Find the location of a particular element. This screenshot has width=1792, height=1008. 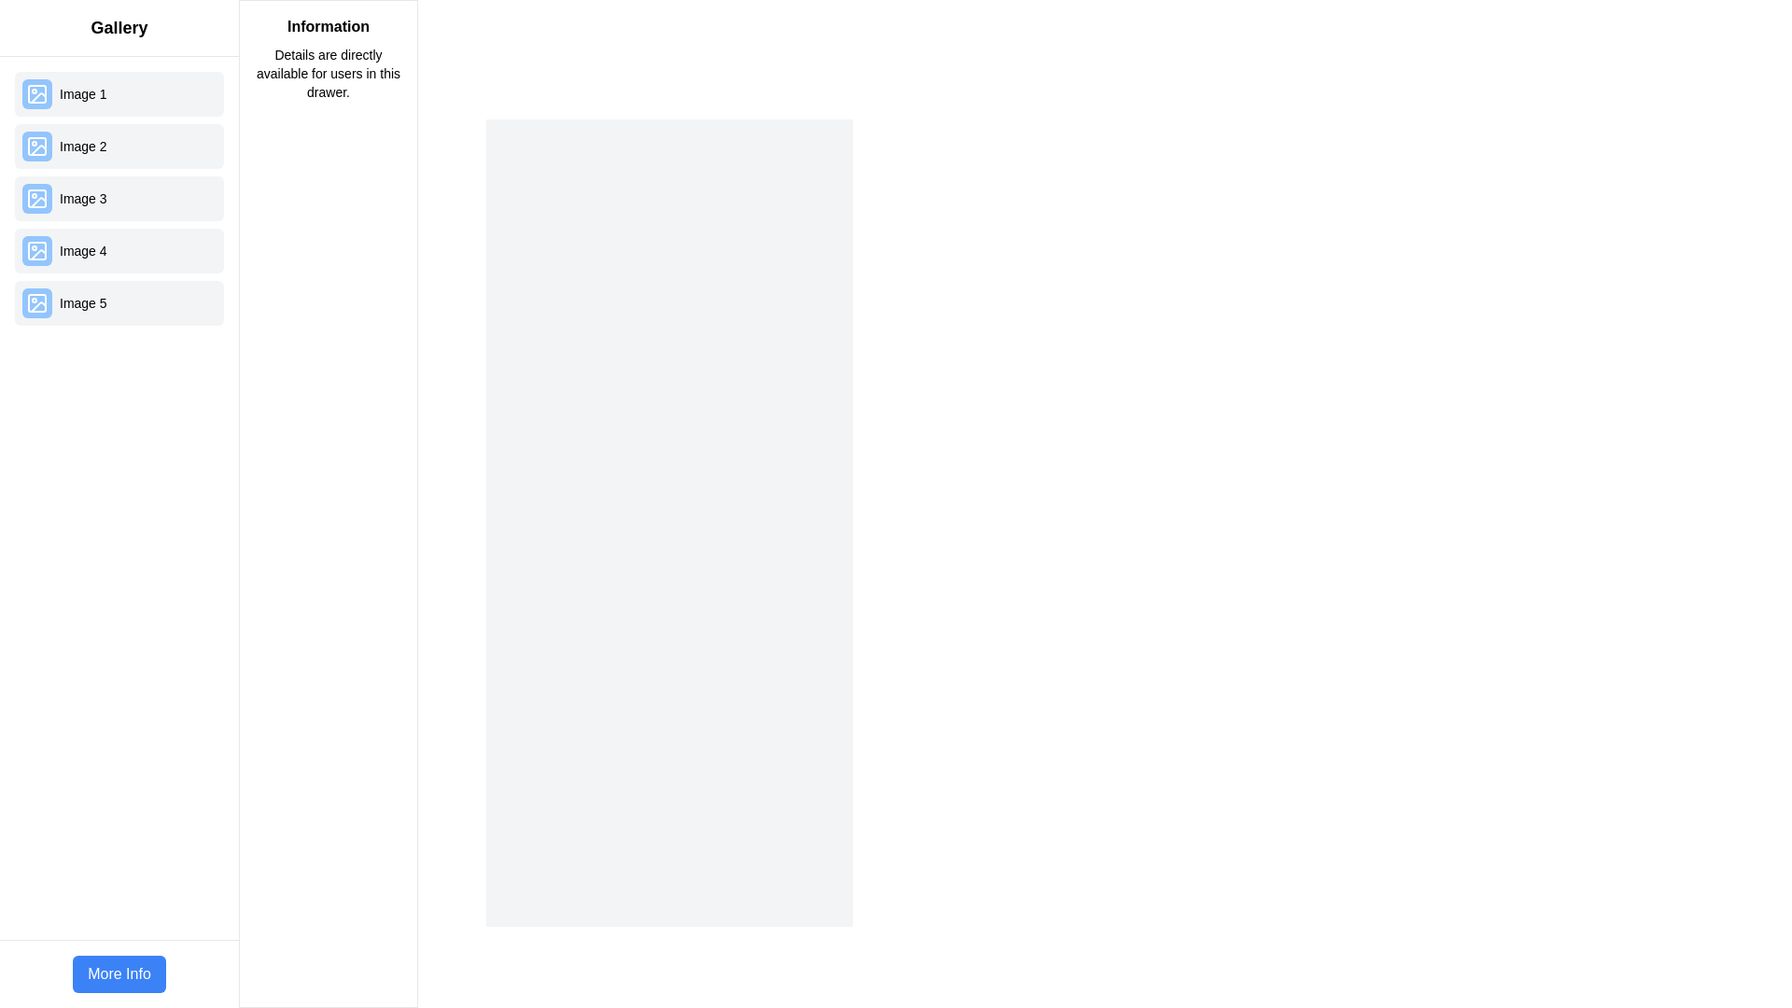

the small square icon with a light blue background and a white image symbol located in the 'Gallery' pane, next to 'Image 1' is located at coordinates (36, 93).